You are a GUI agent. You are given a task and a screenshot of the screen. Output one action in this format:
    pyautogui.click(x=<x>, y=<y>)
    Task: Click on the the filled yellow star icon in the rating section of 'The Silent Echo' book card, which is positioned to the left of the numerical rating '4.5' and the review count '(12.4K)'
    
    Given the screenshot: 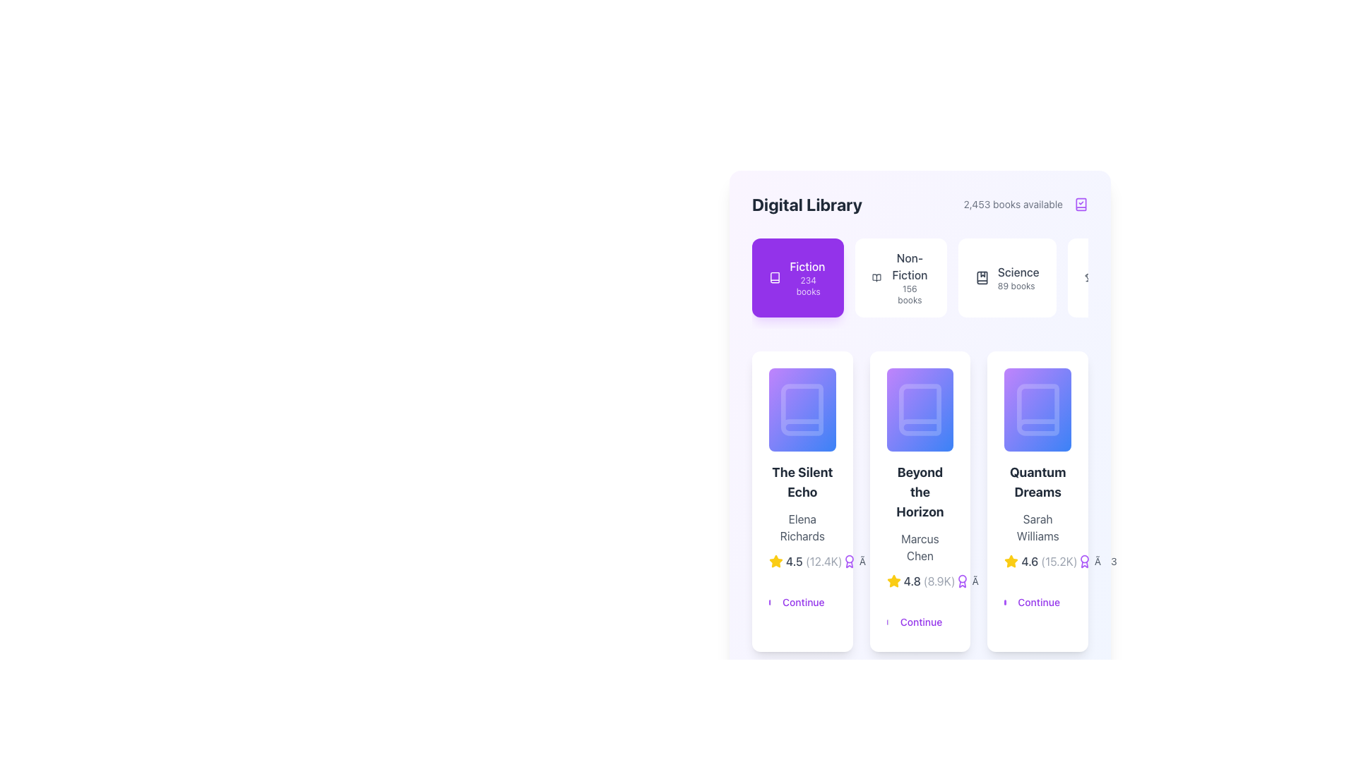 What is the action you would take?
    pyautogui.click(x=775, y=560)
    